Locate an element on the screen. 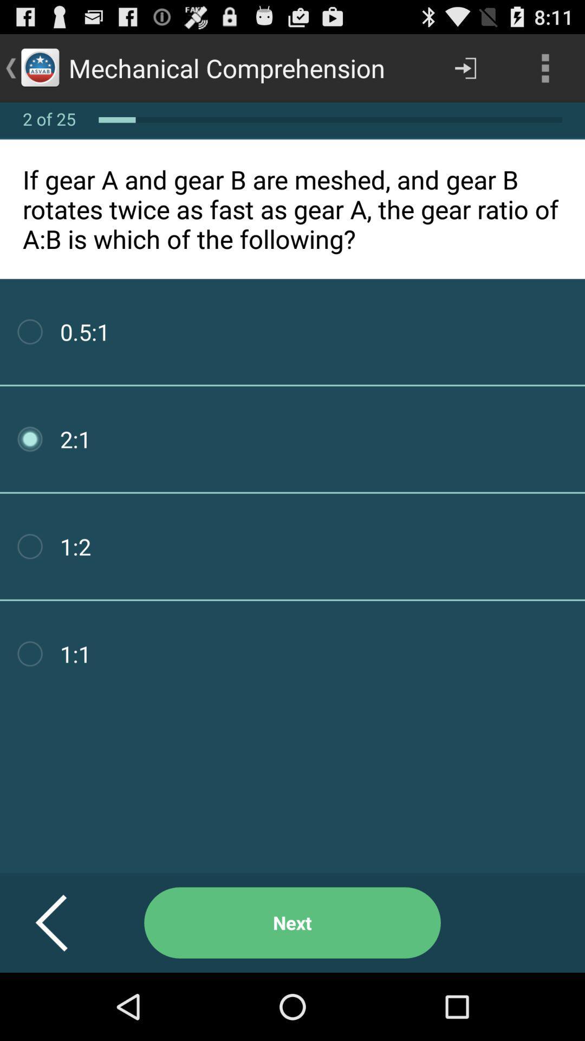 Image resolution: width=585 pixels, height=1041 pixels. item below if gear a icon is located at coordinates (292, 922).